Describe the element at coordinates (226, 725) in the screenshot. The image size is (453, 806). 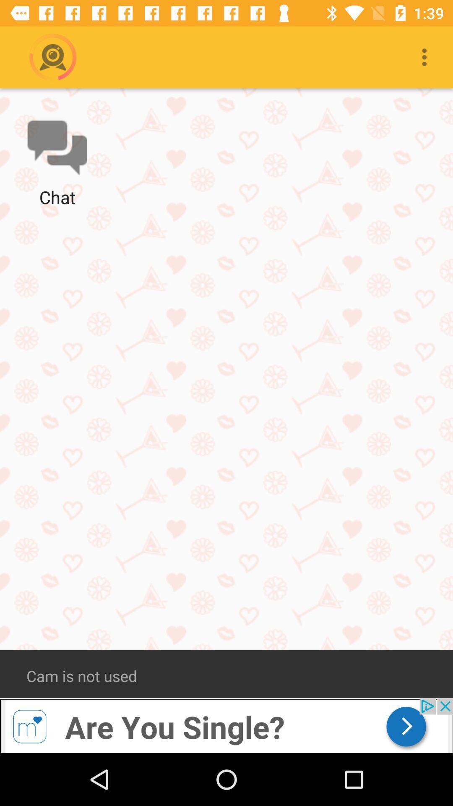
I see `advertisement` at that location.